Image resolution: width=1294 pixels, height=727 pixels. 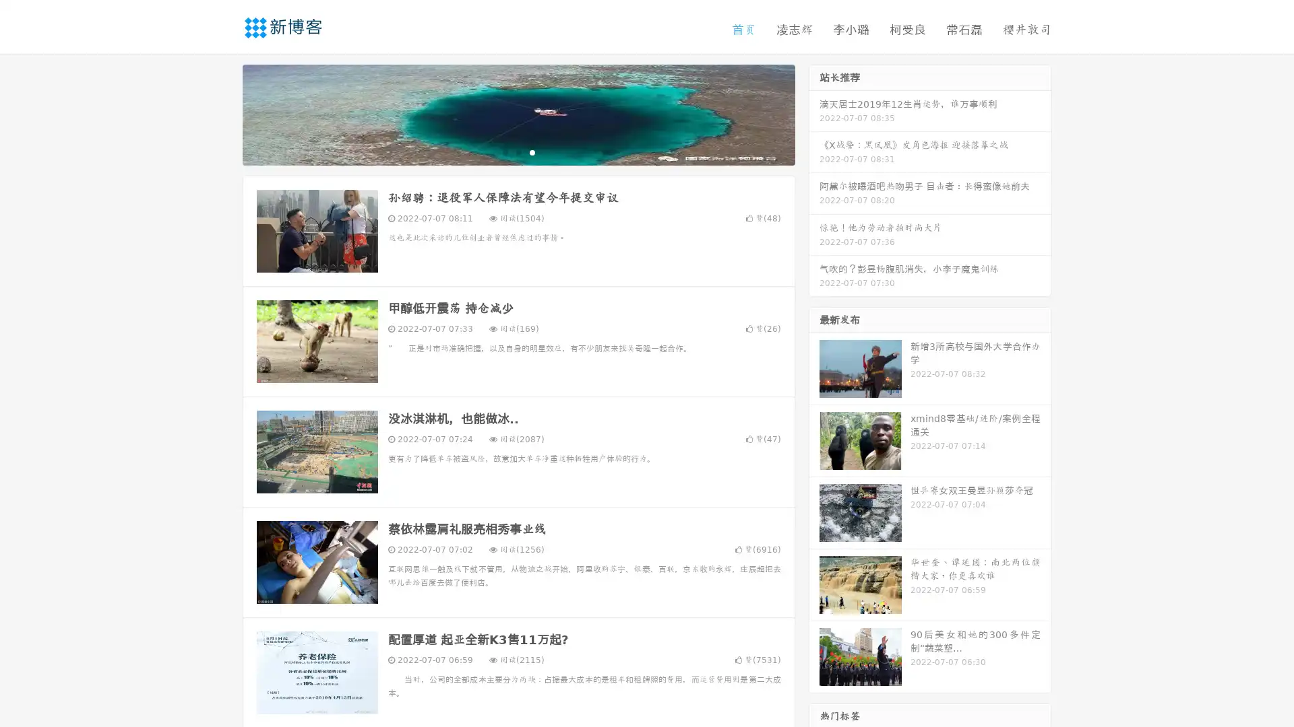 I want to click on Go to slide 3, so click(x=532, y=151).